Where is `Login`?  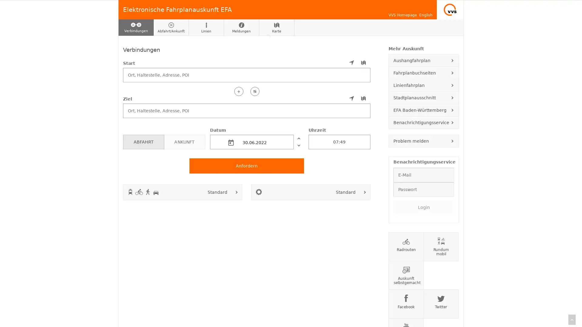
Login is located at coordinates (423, 206).